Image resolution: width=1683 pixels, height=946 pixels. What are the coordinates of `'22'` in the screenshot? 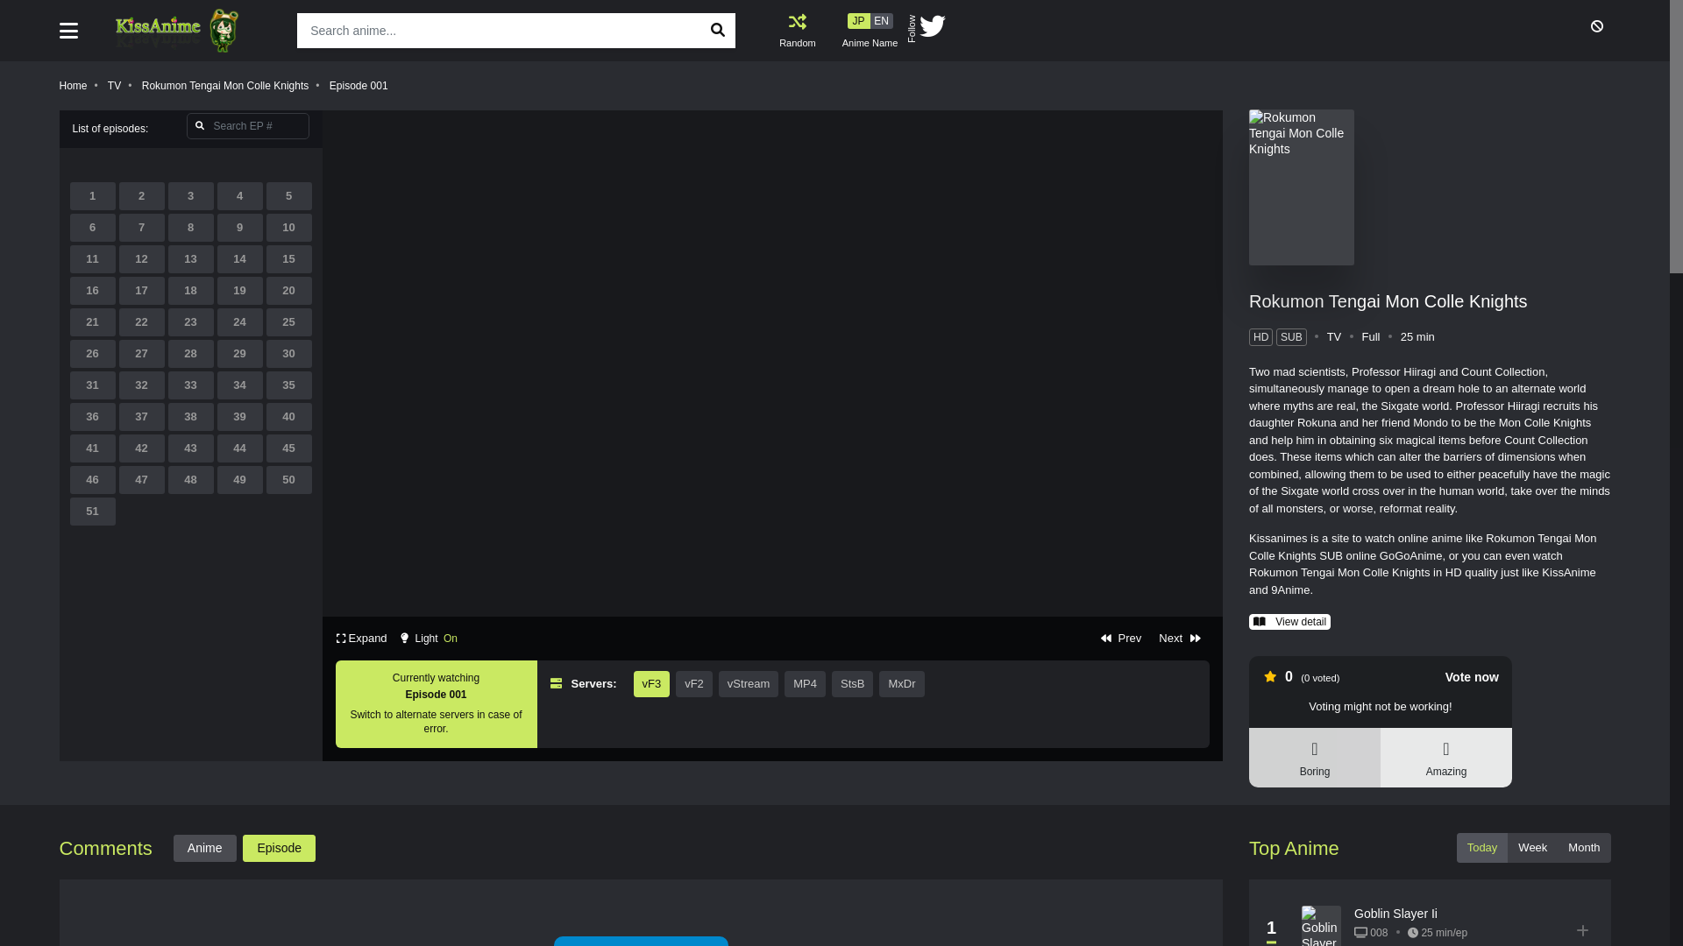 It's located at (142, 321).